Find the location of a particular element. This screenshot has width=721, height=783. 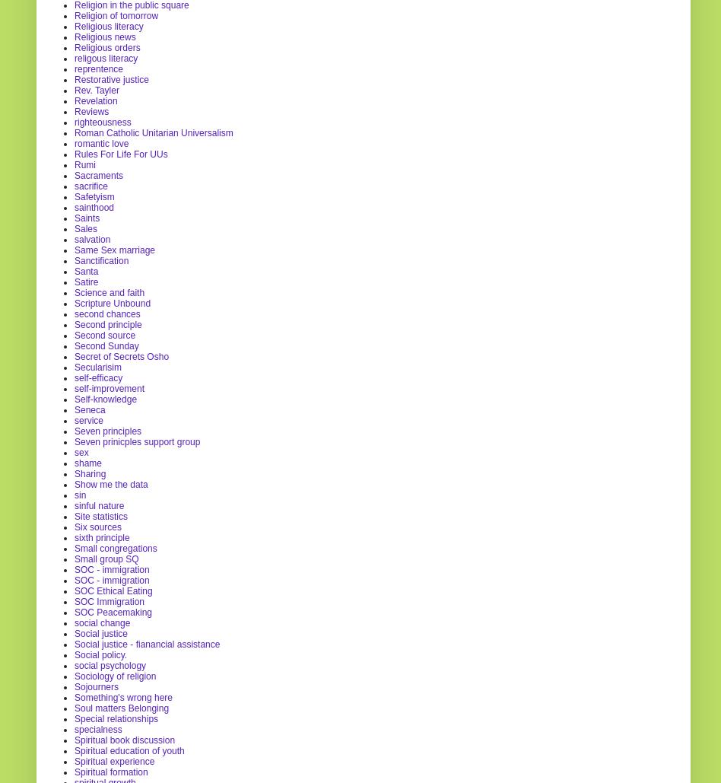

'Social policy.' is located at coordinates (100, 654).